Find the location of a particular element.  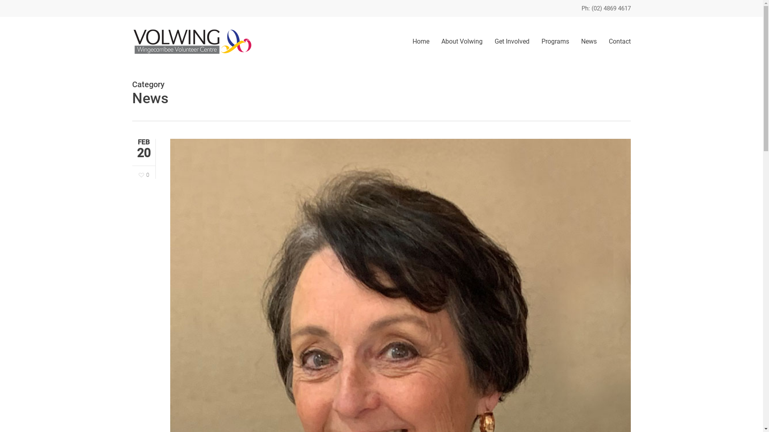

'Contact' is located at coordinates (616, 41).